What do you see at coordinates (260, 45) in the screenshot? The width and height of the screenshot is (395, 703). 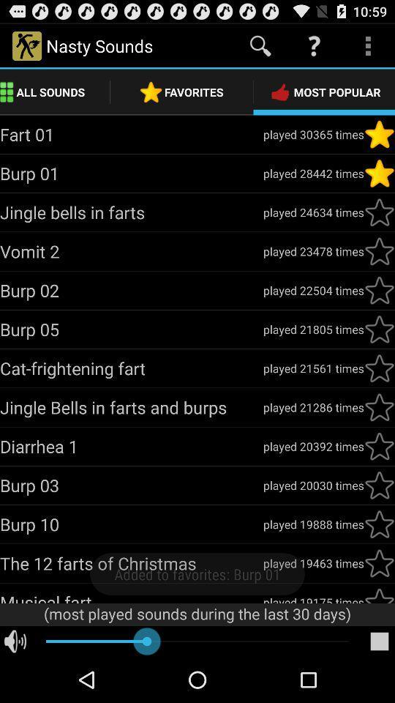 I see `the app to the right of nasty sounds icon` at bounding box center [260, 45].